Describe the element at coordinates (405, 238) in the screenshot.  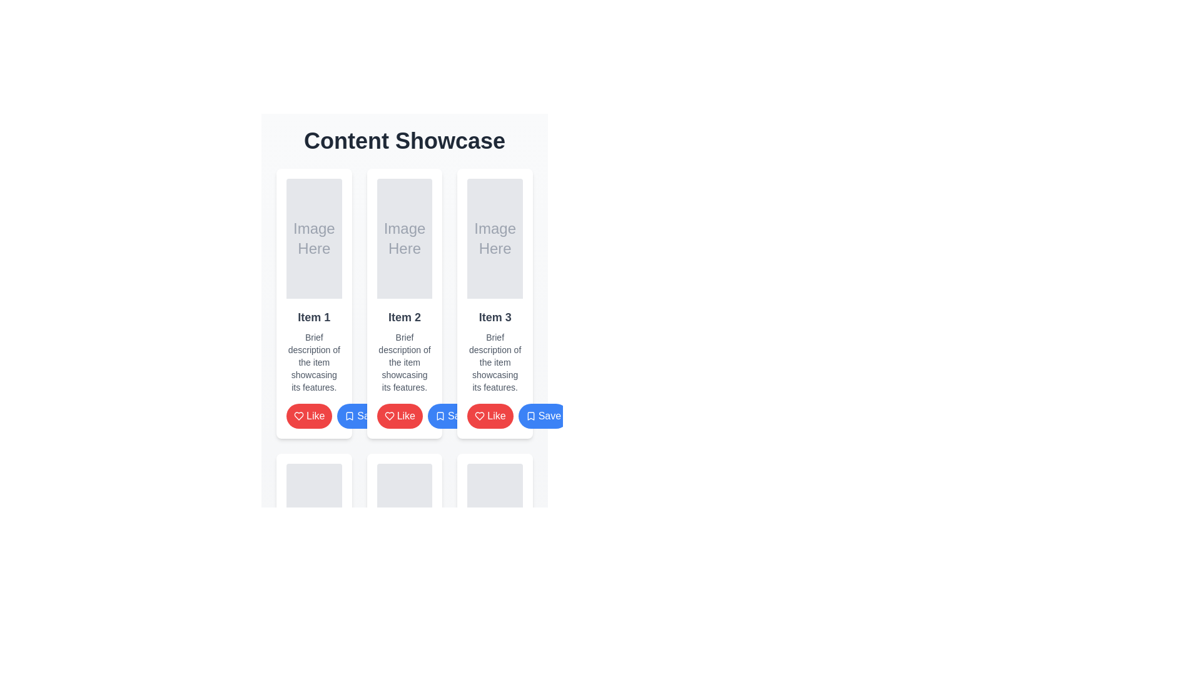
I see `the text label that reads 'Image Here', which is displayed in a larger font size and light gray color, positioned centrally in the second column under 'Item 2'` at that location.